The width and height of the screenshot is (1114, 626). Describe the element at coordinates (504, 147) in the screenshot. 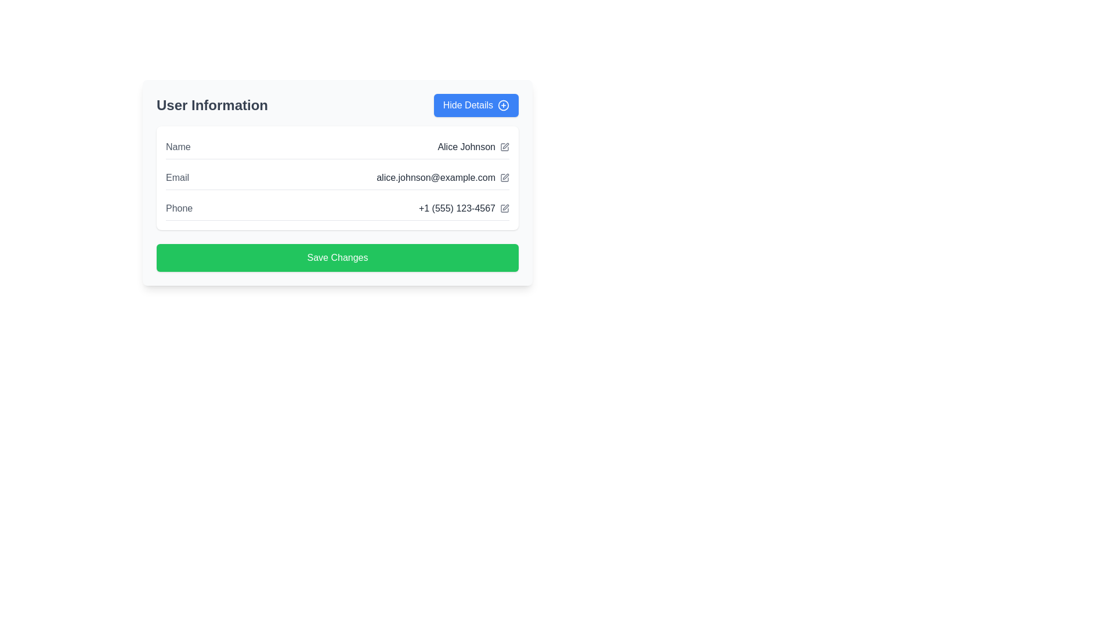

I see `the icon button located to the right of the text 'Alice Johnson' in the 'Name' row of the user information card` at that location.